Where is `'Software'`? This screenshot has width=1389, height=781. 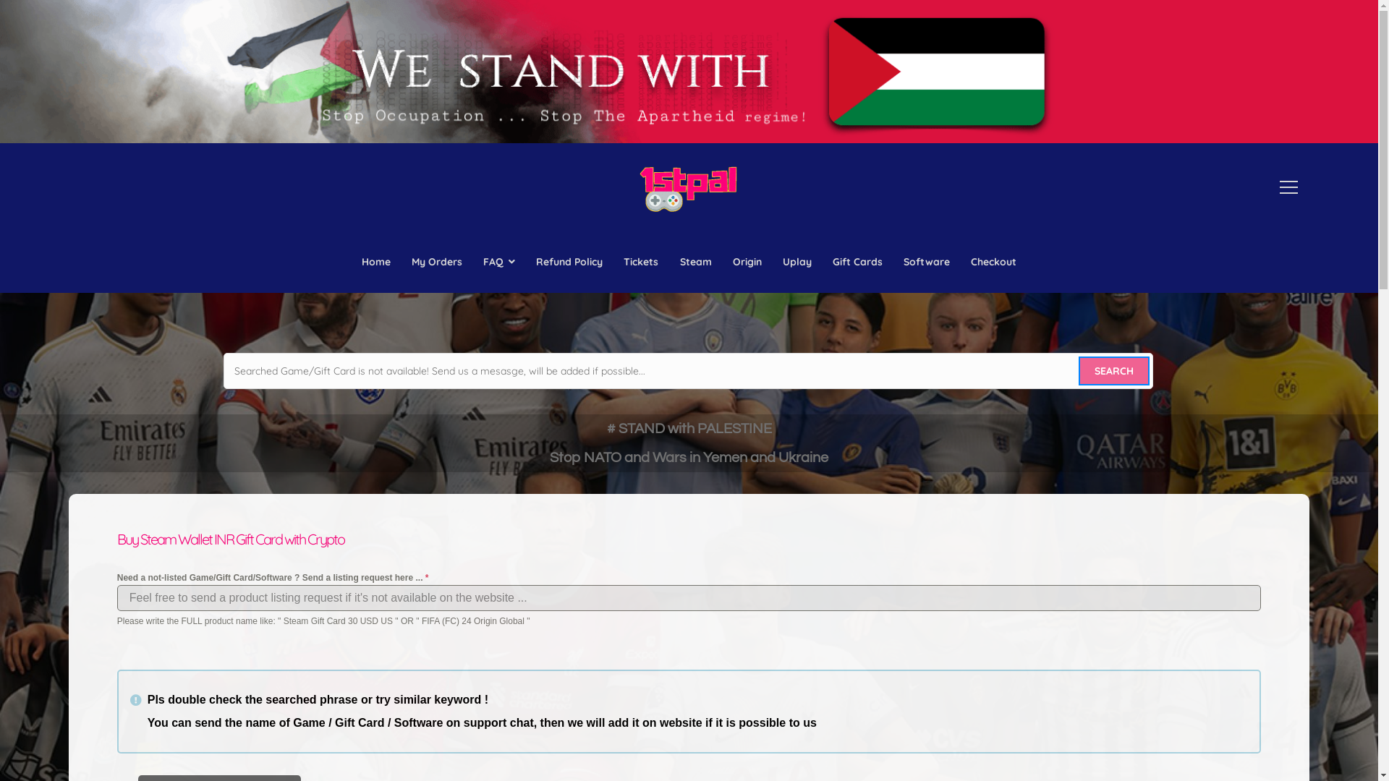
'Software' is located at coordinates (897, 262).